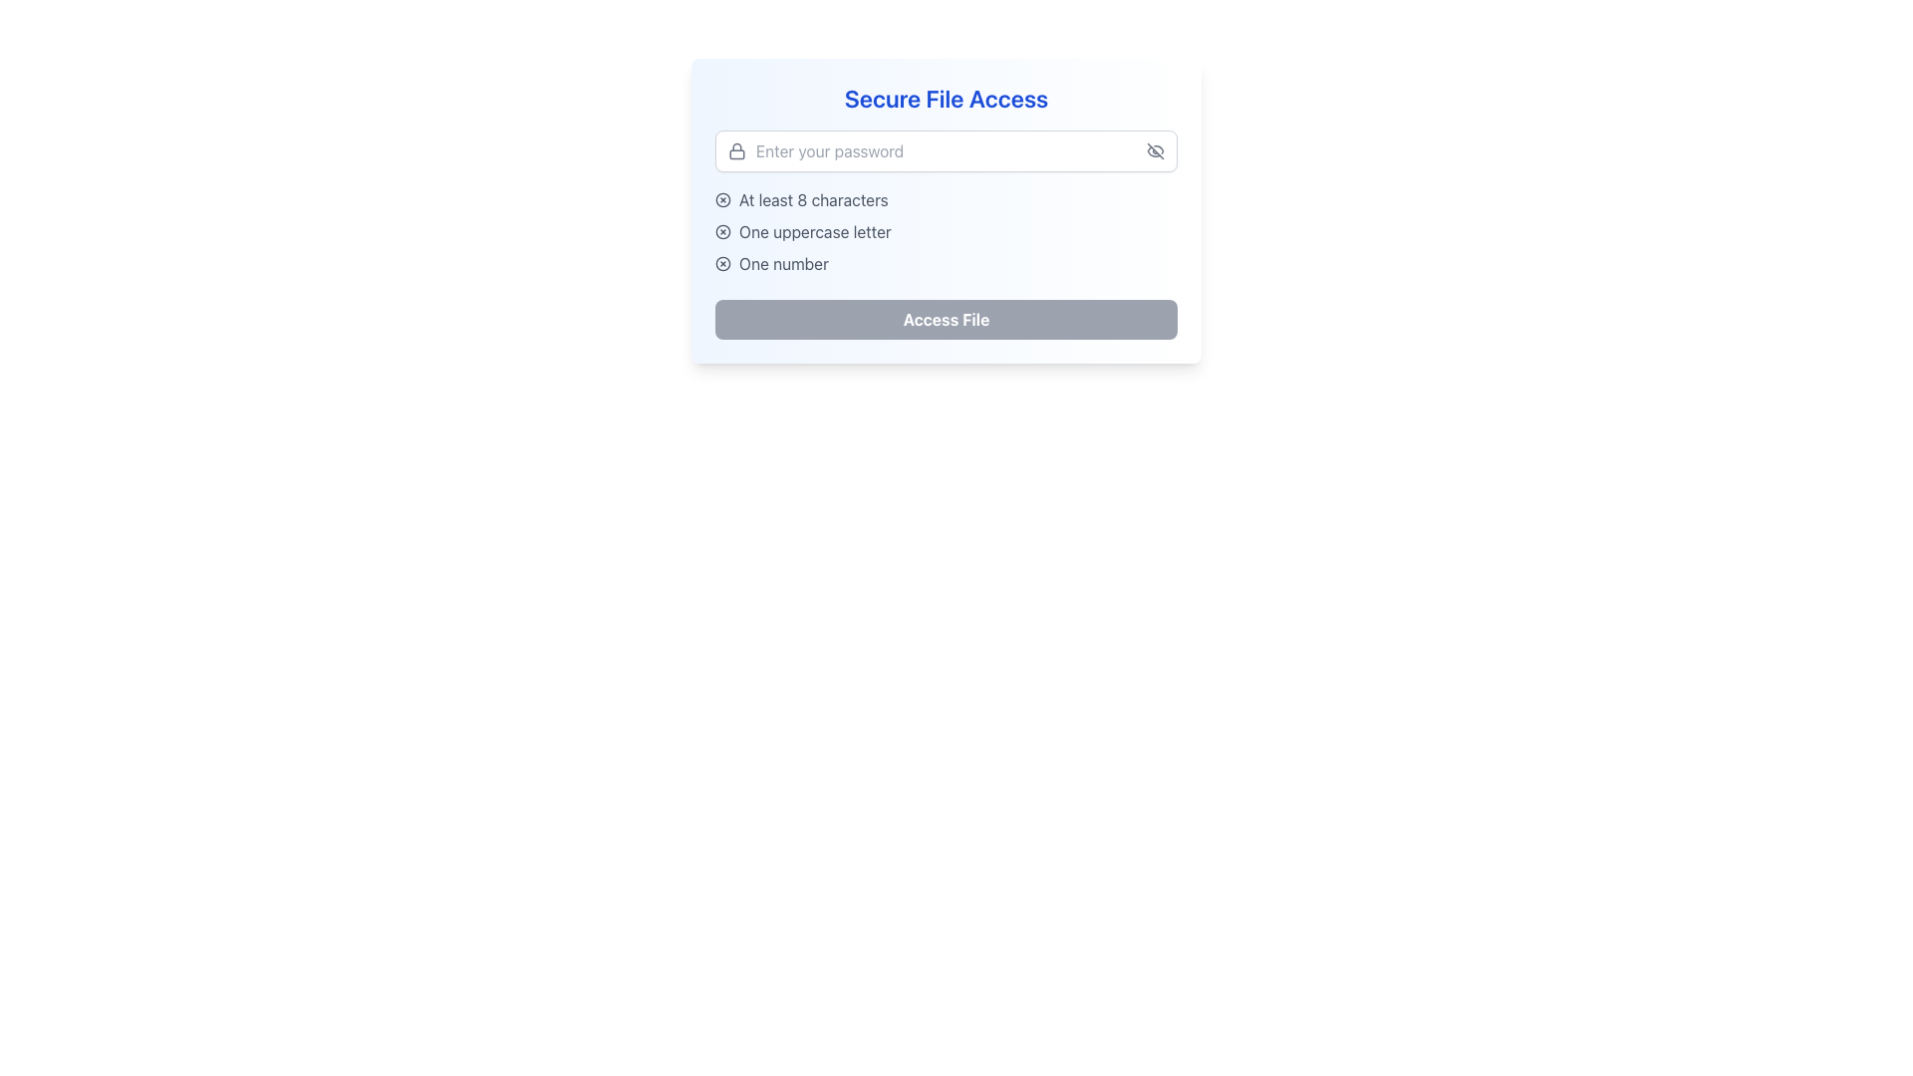  What do you see at coordinates (946, 99) in the screenshot?
I see `header text located at the top of the card with a gradient blue to white background to understand its main purpose or feature` at bounding box center [946, 99].